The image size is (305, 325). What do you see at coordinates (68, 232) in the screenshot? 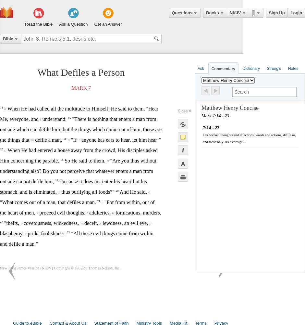
I see `'23'` at bounding box center [68, 232].